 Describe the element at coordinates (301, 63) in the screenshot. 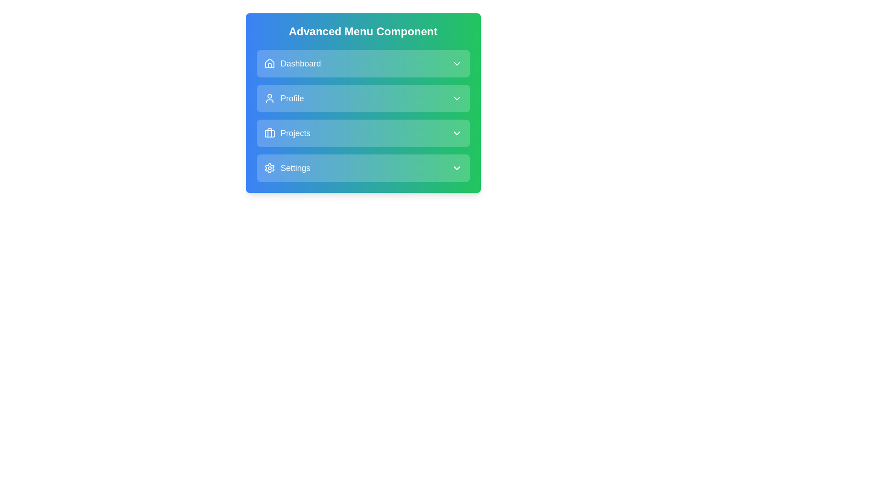

I see `the 'Dashboard' text label in the 'Advanced Menu Component', which is the first menu option aligned to the right of the house icon` at that location.